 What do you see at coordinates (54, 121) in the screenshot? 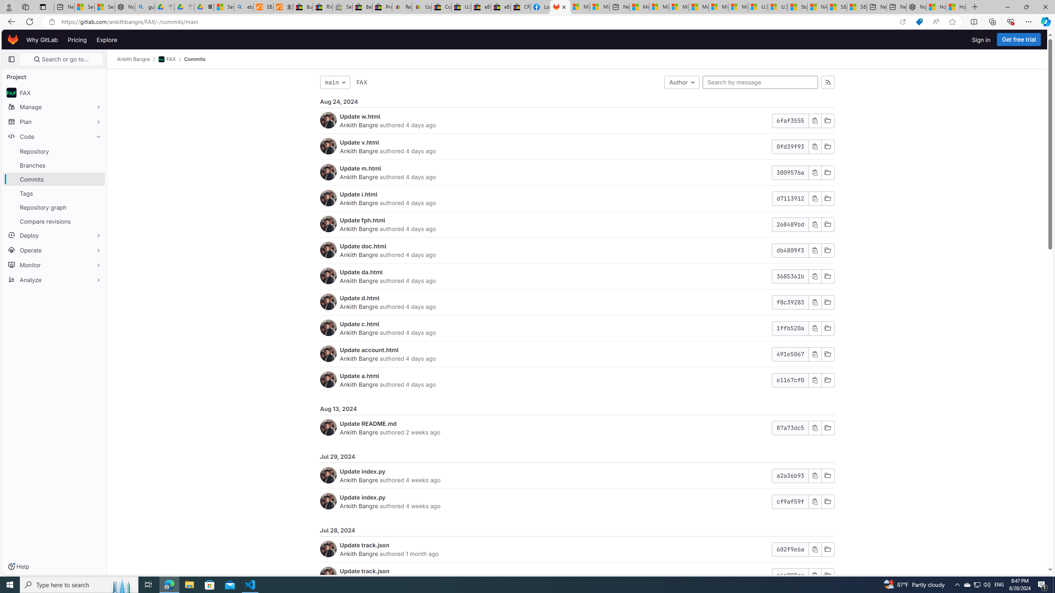
I see `'Plan'` at bounding box center [54, 121].